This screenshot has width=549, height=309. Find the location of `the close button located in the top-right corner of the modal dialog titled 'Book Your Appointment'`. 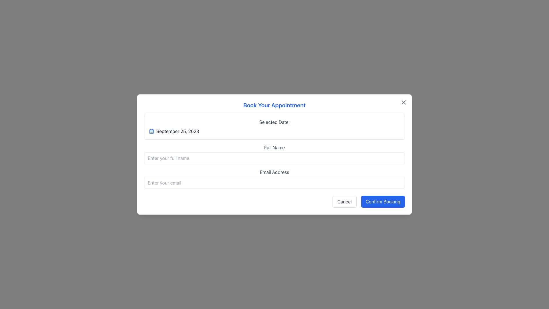

the close button located in the top-right corner of the modal dialog titled 'Book Your Appointment' is located at coordinates (403, 102).